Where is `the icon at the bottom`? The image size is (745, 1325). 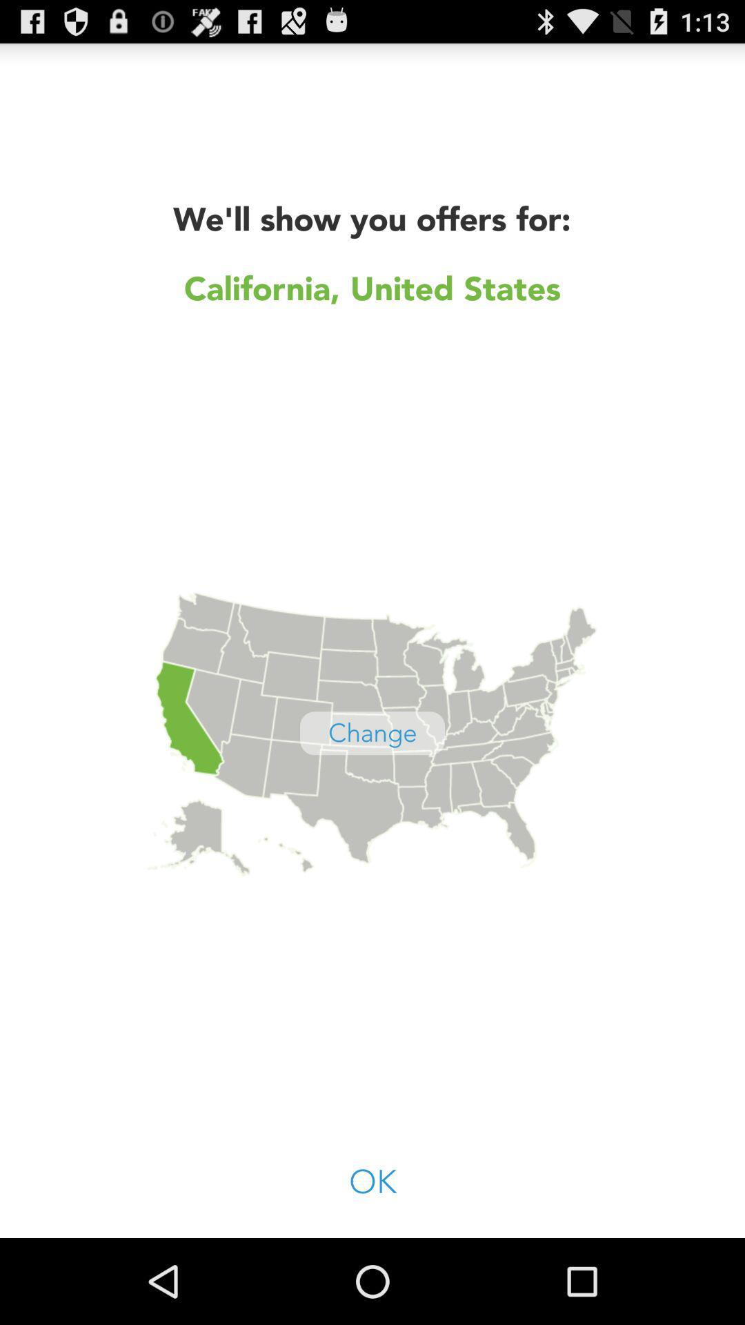
the icon at the bottom is located at coordinates (372, 1183).